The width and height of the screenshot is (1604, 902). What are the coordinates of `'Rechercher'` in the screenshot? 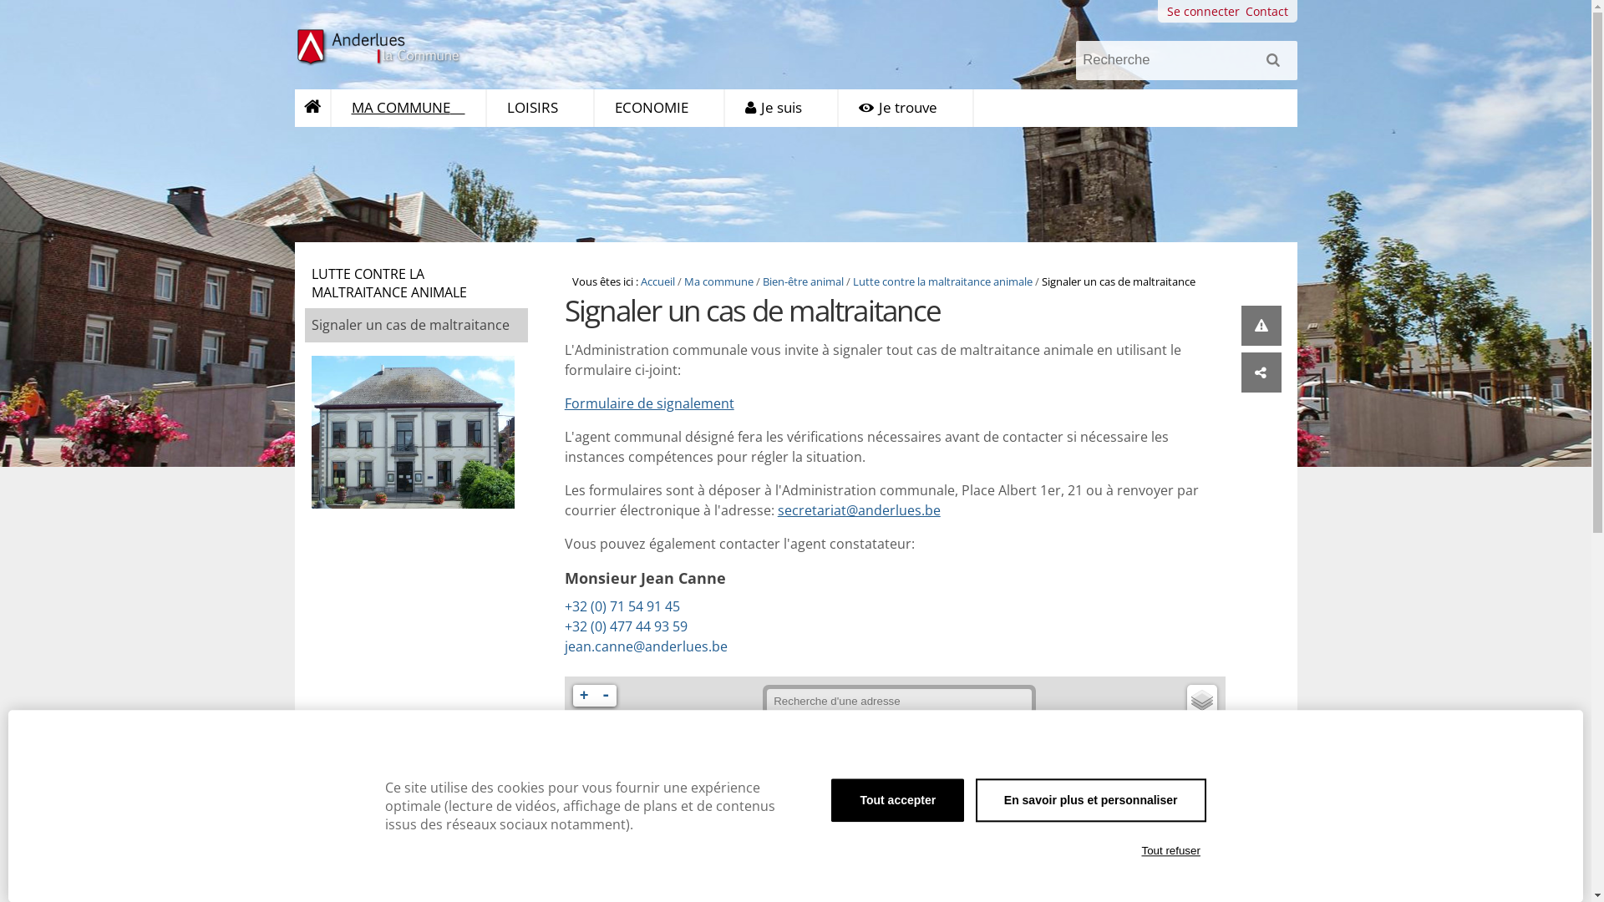 It's located at (1276, 64).